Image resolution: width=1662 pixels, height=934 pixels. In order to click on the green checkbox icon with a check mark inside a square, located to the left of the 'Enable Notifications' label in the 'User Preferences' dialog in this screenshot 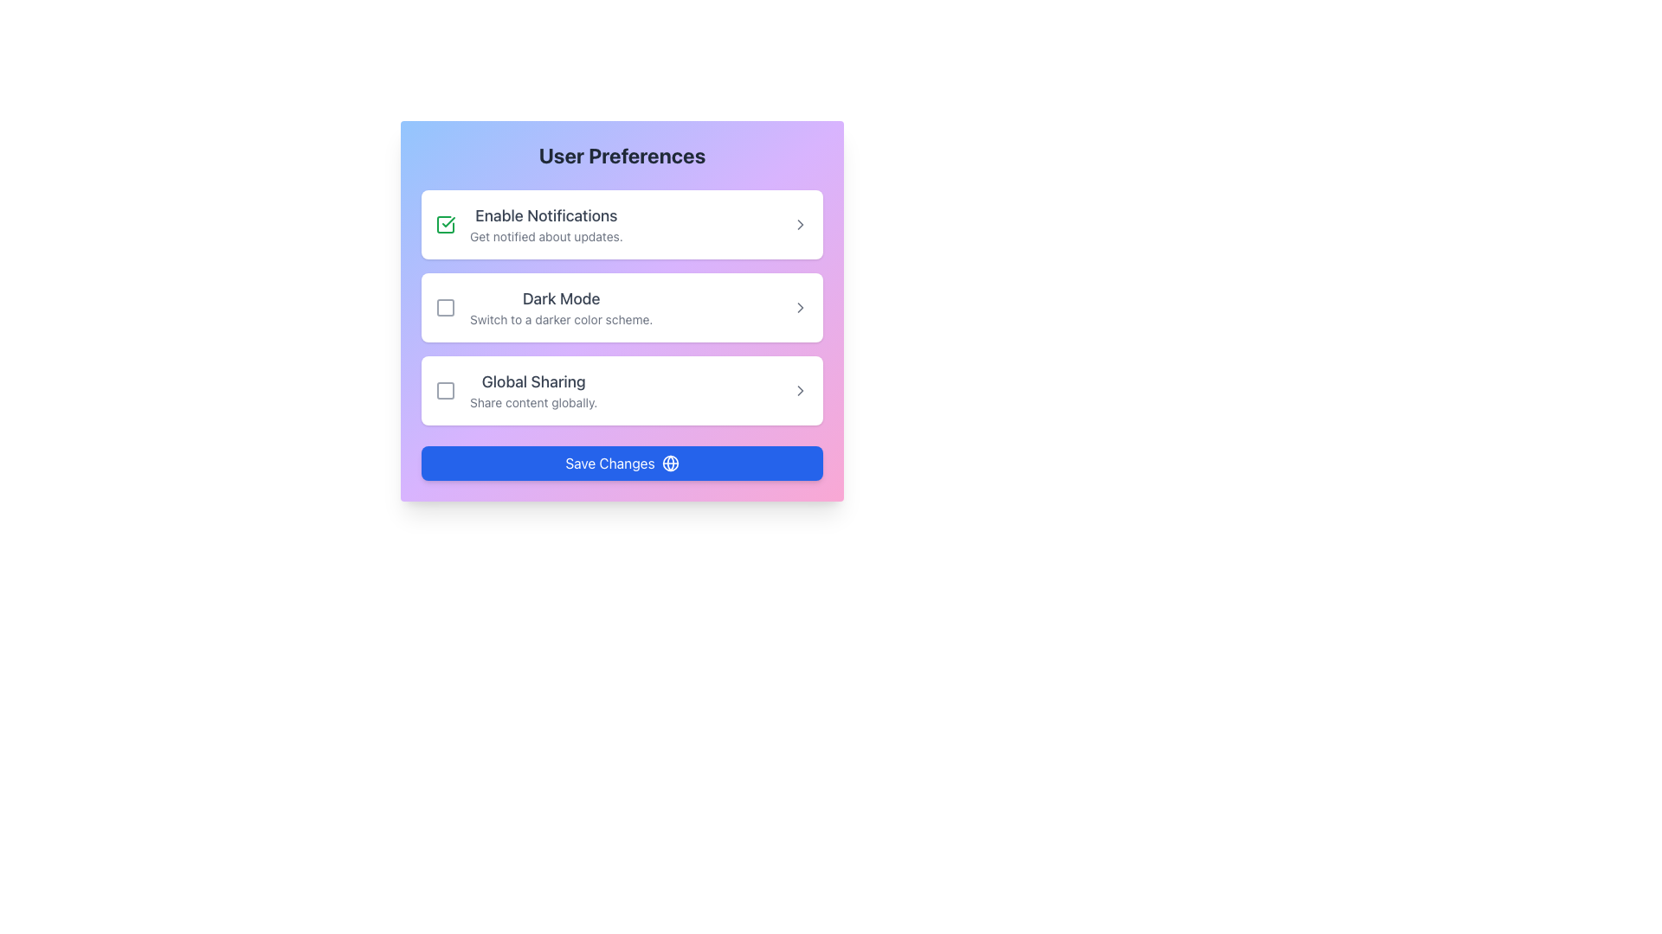, I will do `click(445, 223)`.